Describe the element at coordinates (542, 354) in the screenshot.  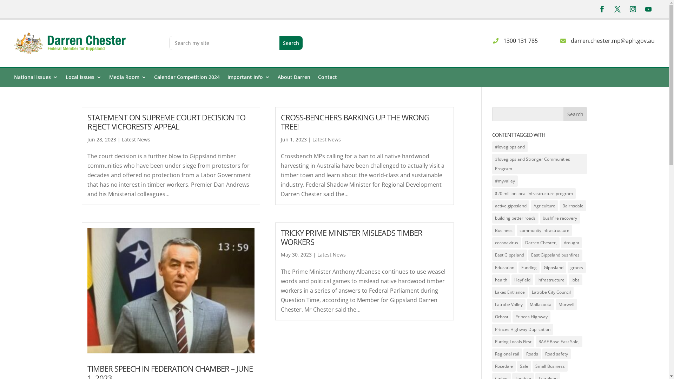
I see `'Road safety'` at that location.